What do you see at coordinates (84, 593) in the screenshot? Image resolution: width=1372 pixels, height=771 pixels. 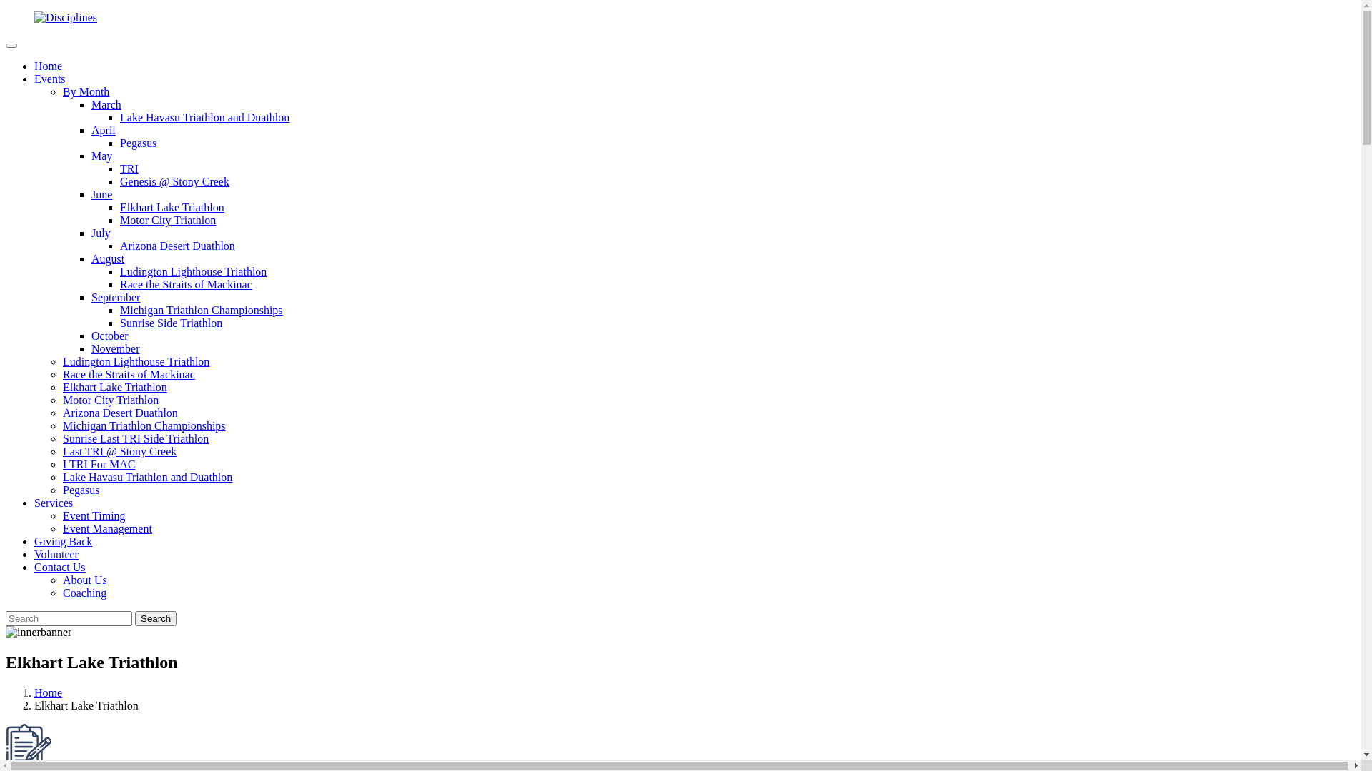 I see `'Coaching'` at bounding box center [84, 593].